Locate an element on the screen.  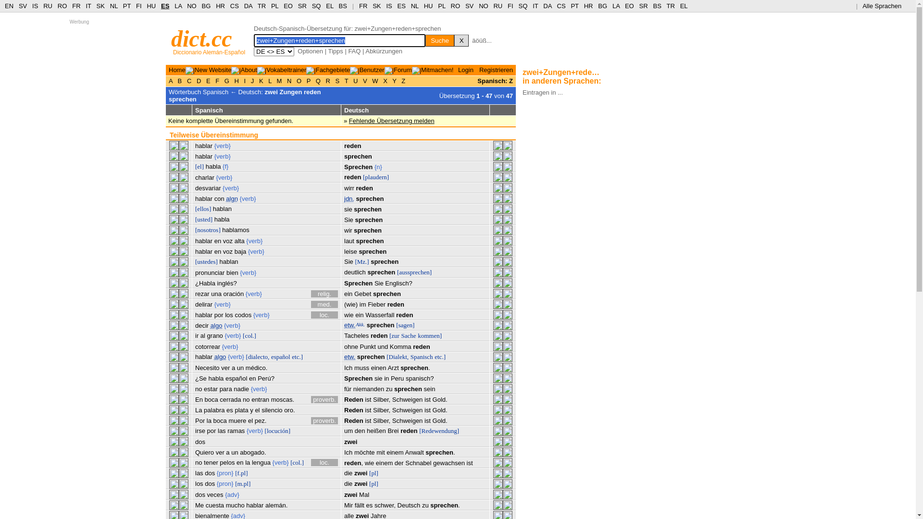
'J' is located at coordinates (252, 80).